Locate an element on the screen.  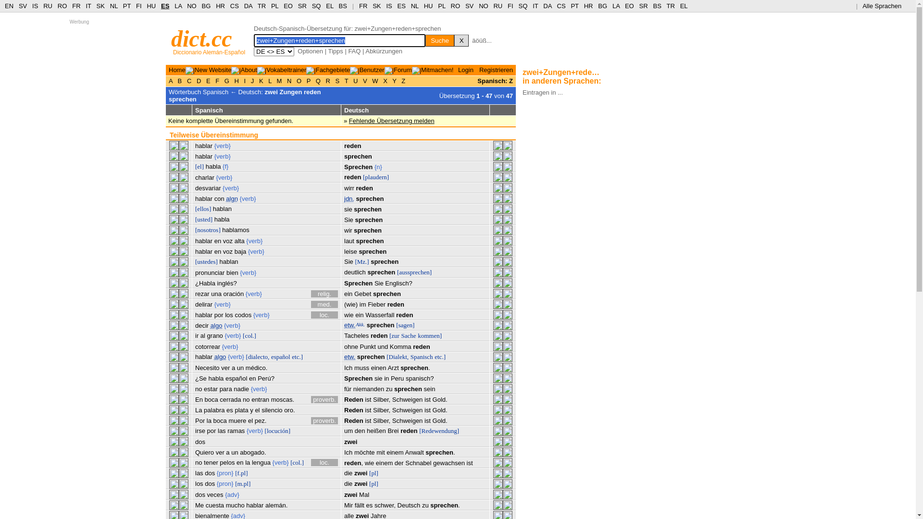
'J' is located at coordinates (252, 80).